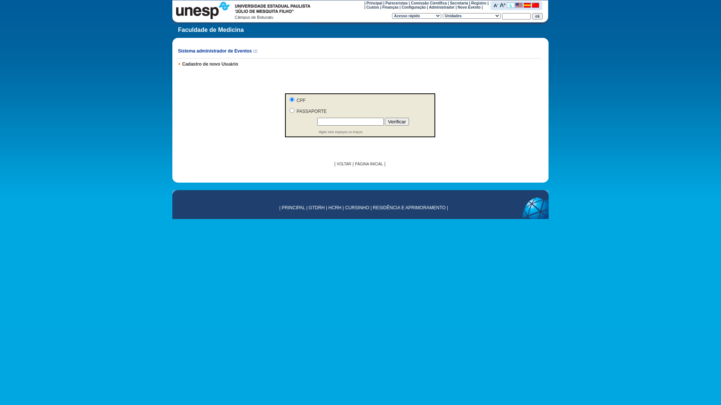 The height and width of the screenshot is (405, 721). I want to click on 'Secretaria', so click(459, 3).